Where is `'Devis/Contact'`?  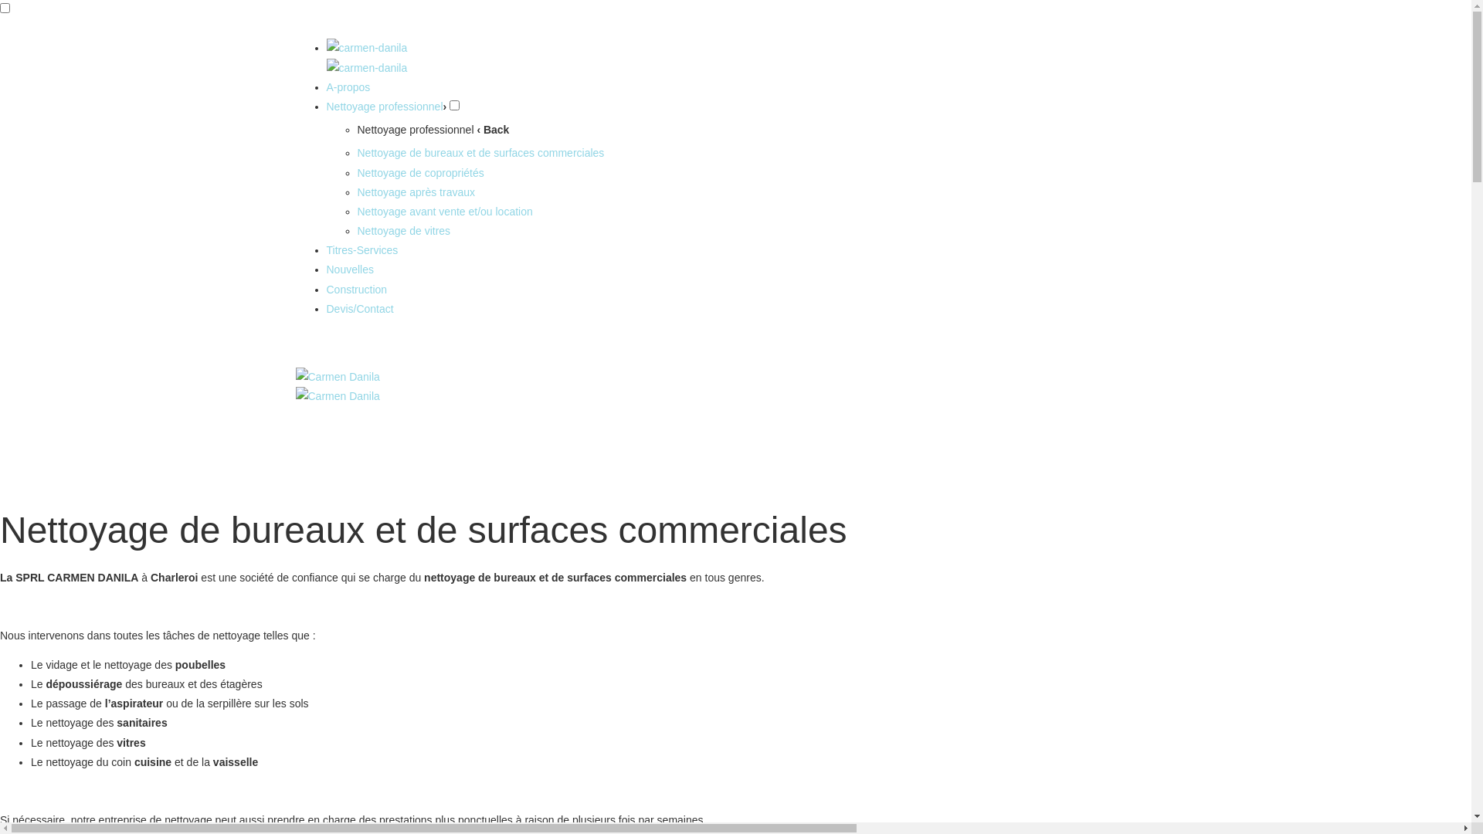 'Devis/Contact' is located at coordinates (325, 309).